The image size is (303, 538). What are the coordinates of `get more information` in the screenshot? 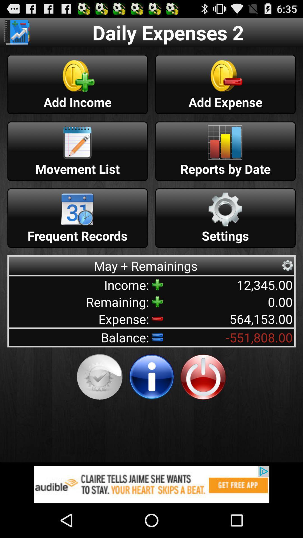 It's located at (151, 377).